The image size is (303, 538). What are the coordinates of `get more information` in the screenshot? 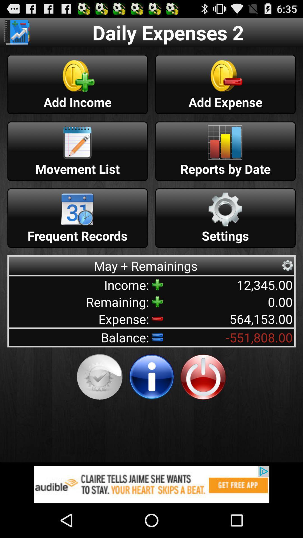 It's located at (151, 377).